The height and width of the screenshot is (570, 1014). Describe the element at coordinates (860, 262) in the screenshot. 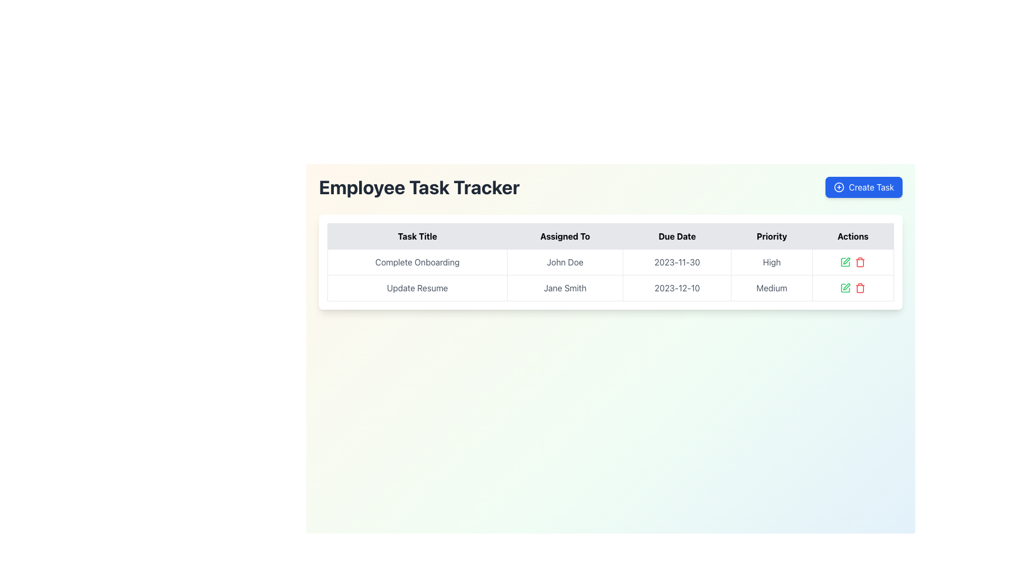

I see `the trash can icon in the 'Actions' column of the second row of the task table` at that location.